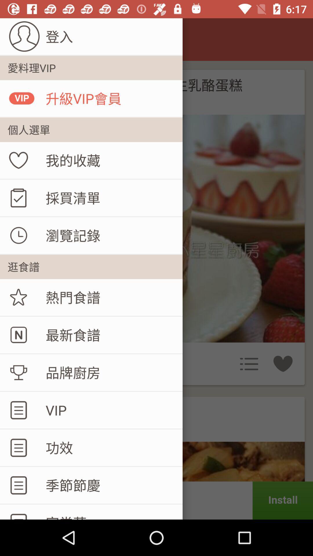 Image resolution: width=313 pixels, height=556 pixels. What do you see at coordinates (21, 98) in the screenshot?
I see `vip which is above the favorite icon` at bounding box center [21, 98].